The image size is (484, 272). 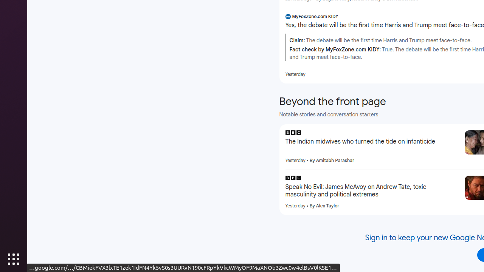 I want to click on 'More - The Indian midwives who turned the tide on infanticide', so click(x=456, y=133).